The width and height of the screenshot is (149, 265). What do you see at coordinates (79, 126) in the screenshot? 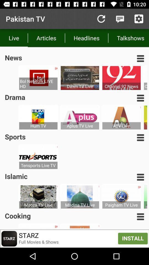
I see `the aplus tv live icon` at bounding box center [79, 126].